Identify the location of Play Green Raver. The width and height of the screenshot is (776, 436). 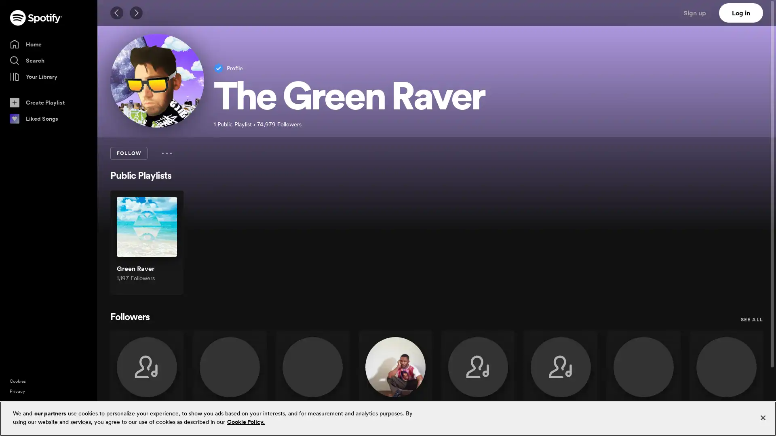
(163, 247).